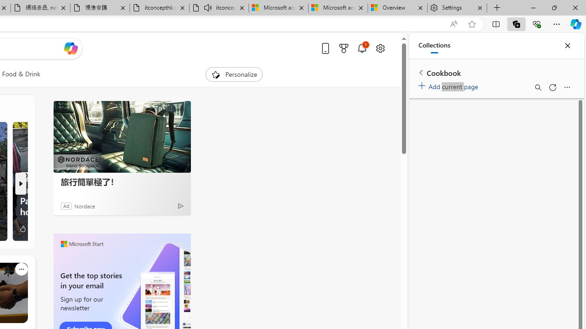  I want to click on 'More options menu', so click(566, 87).